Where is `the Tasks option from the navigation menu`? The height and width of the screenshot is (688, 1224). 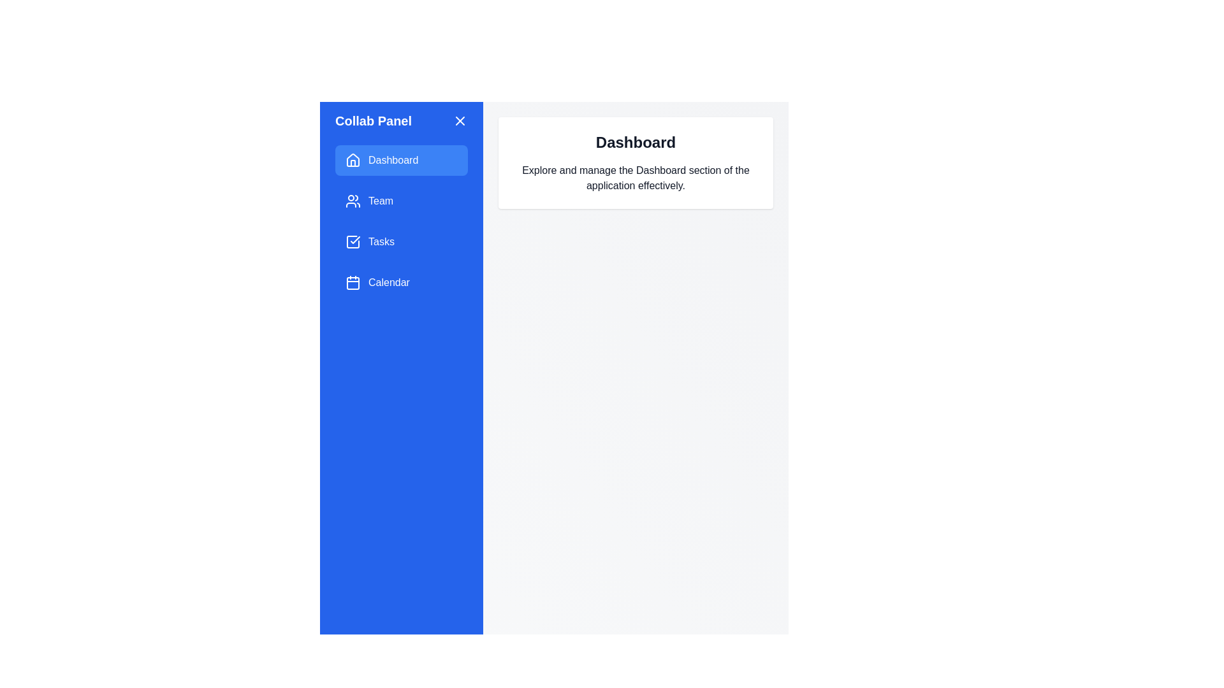
the Tasks option from the navigation menu is located at coordinates (400, 242).